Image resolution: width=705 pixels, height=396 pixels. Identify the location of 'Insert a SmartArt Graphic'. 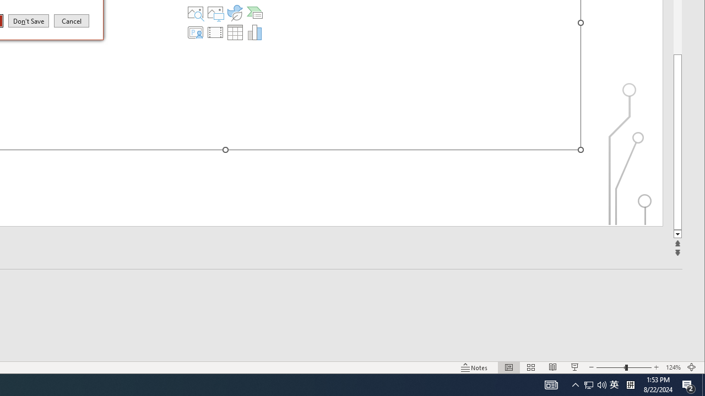
(254, 13).